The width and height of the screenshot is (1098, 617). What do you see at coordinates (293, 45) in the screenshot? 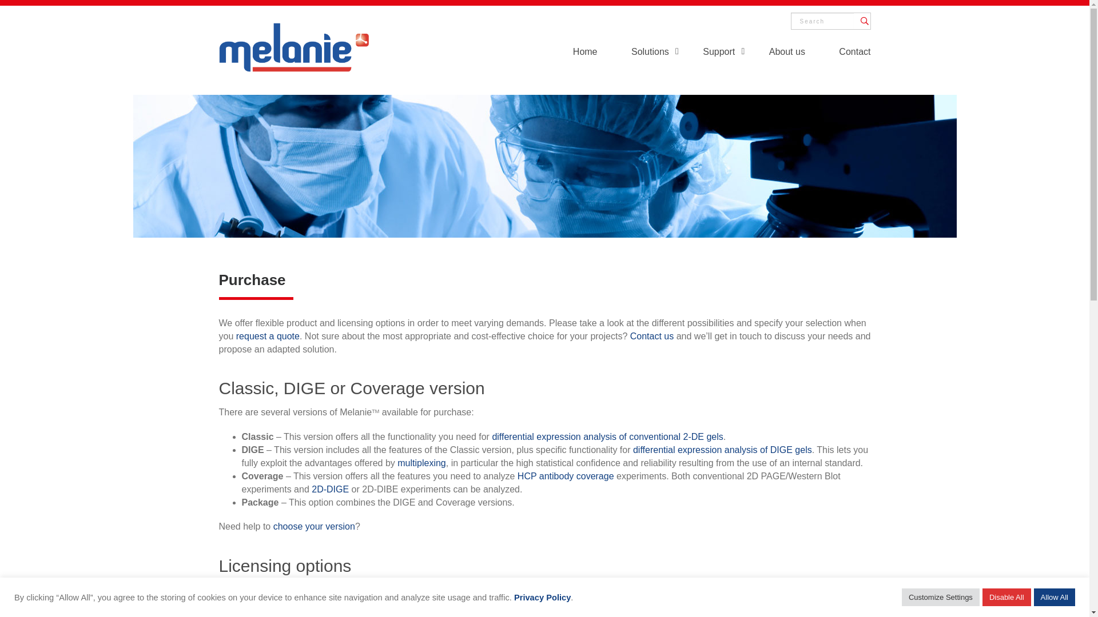
I see `'Melanie'` at bounding box center [293, 45].